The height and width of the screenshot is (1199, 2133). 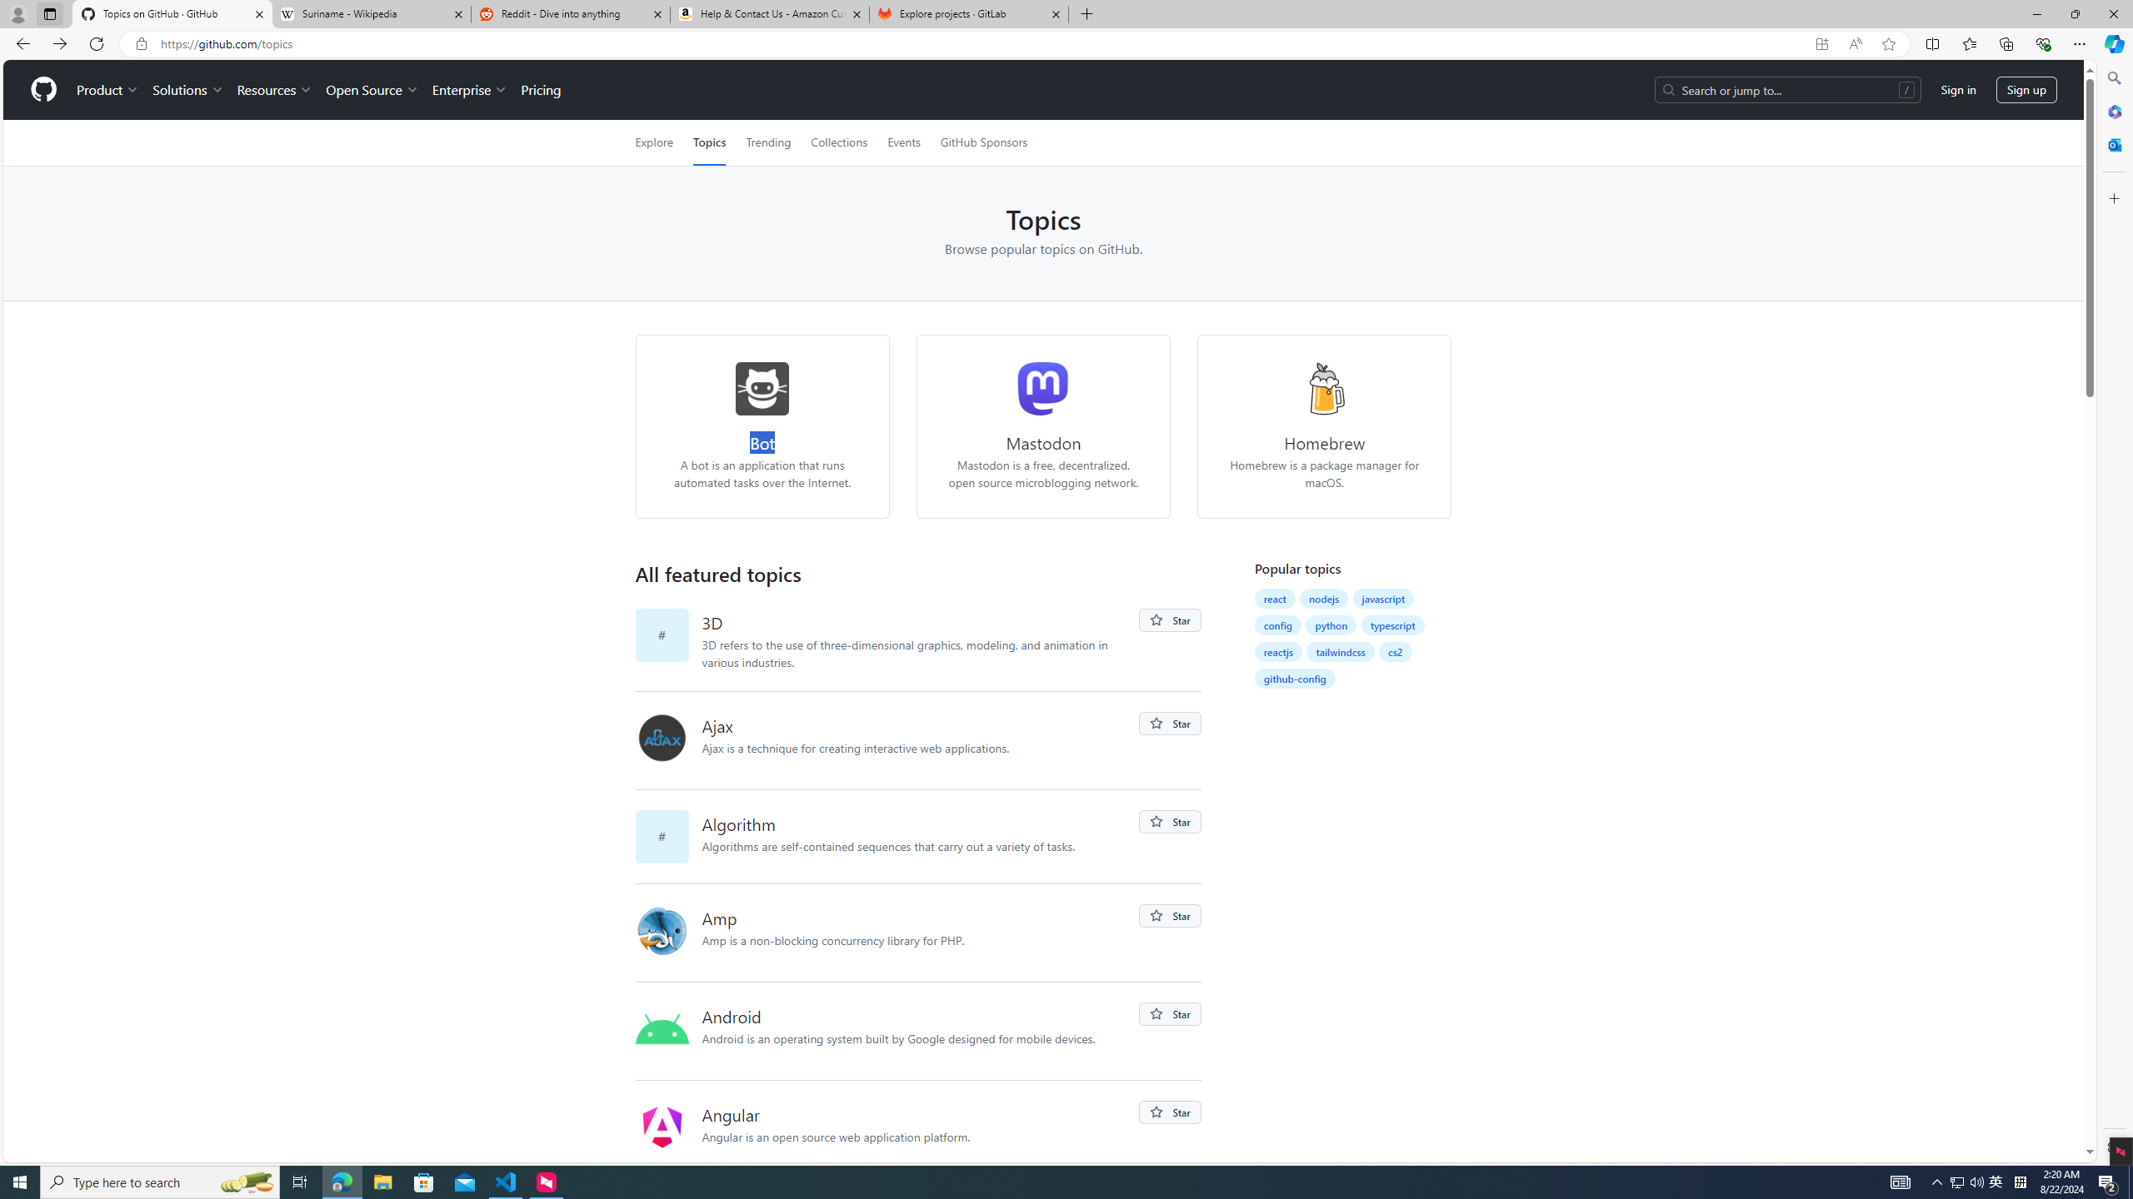 What do you see at coordinates (1277, 624) in the screenshot?
I see `'config'` at bounding box center [1277, 624].